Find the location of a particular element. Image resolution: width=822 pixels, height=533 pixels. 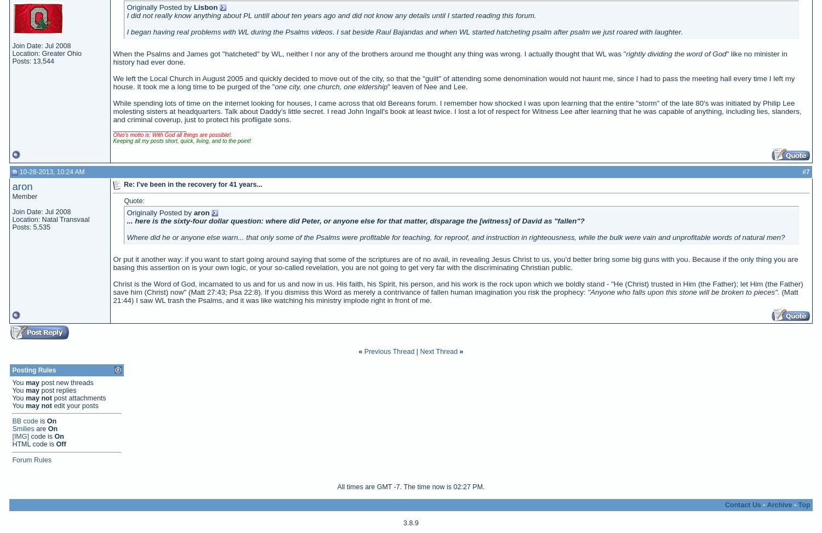

'3.8.9' is located at coordinates (410, 522).